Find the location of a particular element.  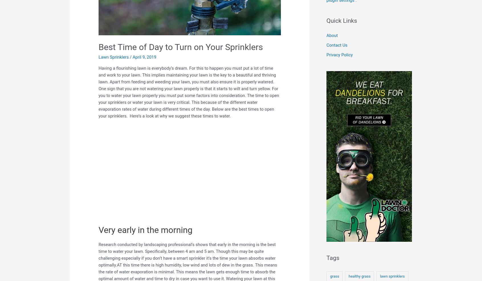

'About' is located at coordinates (326, 35).